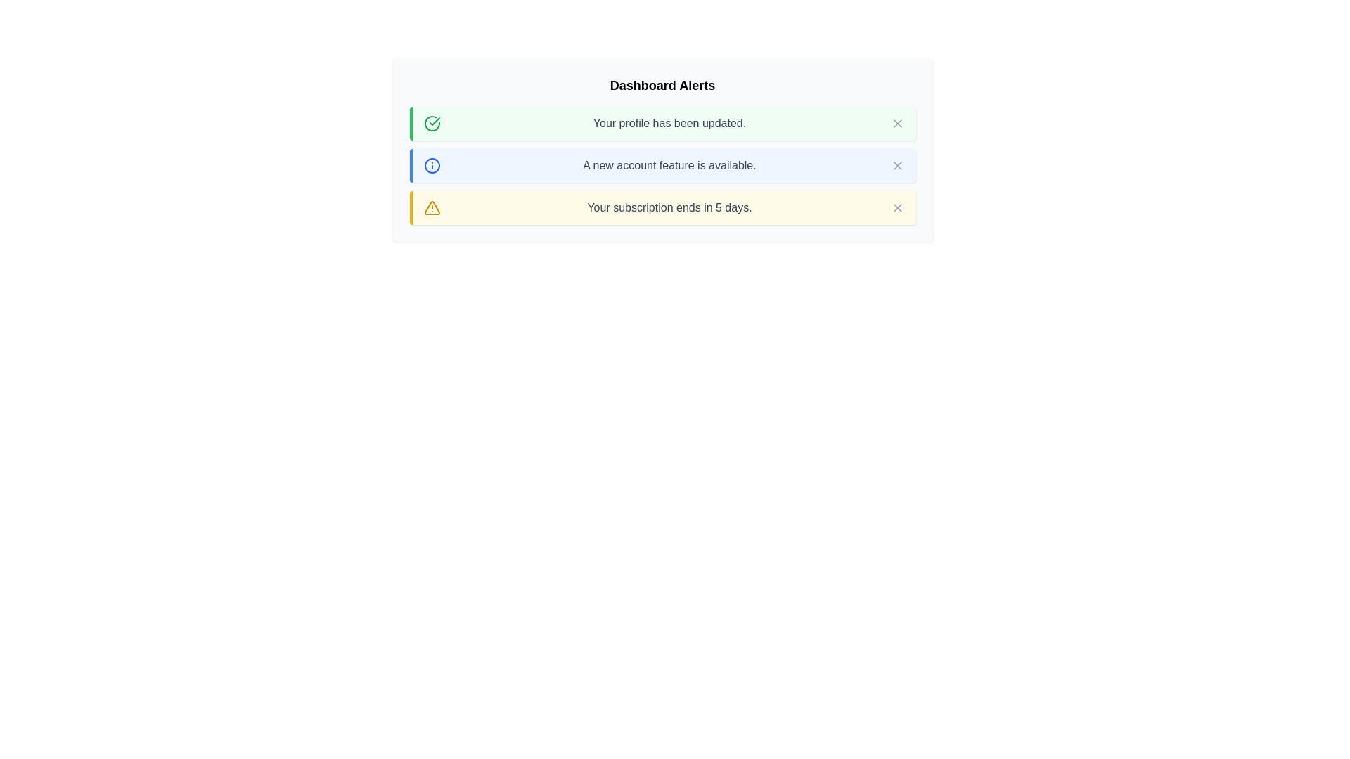  What do you see at coordinates (896, 164) in the screenshot?
I see `the dismissal button at the rightmost end of the notification bar that contains the text 'A new account feature is available' to change its color` at bounding box center [896, 164].